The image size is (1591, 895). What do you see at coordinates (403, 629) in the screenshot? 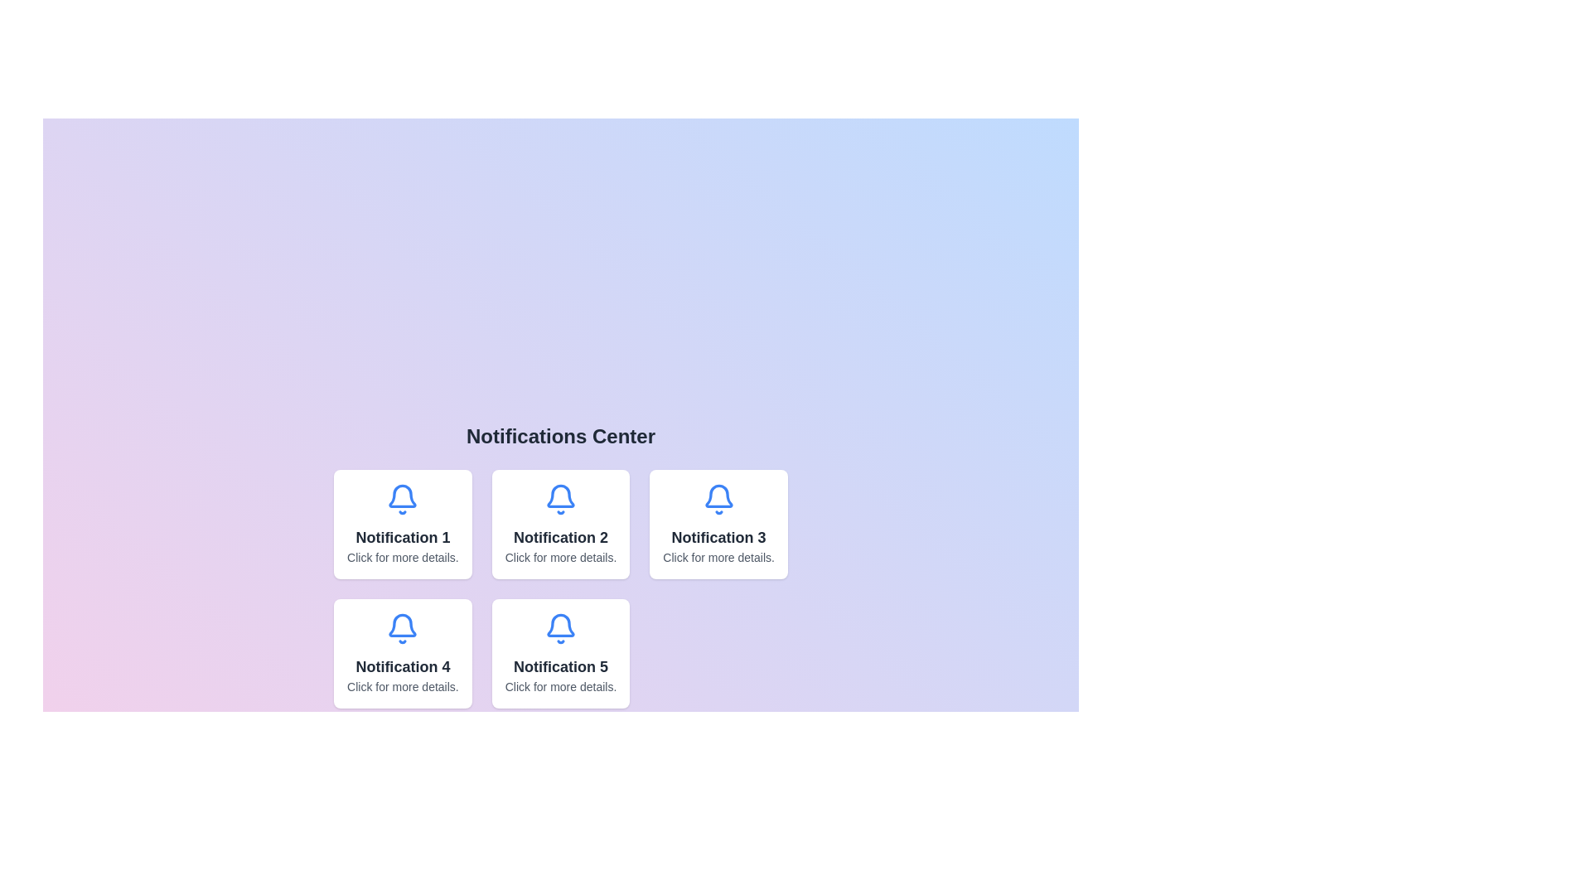
I see `the blue bell-shaped SVG icon located at the top of the 'Notification 4 Click for more details.' card in the notification grid` at bounding box center [403, 629].